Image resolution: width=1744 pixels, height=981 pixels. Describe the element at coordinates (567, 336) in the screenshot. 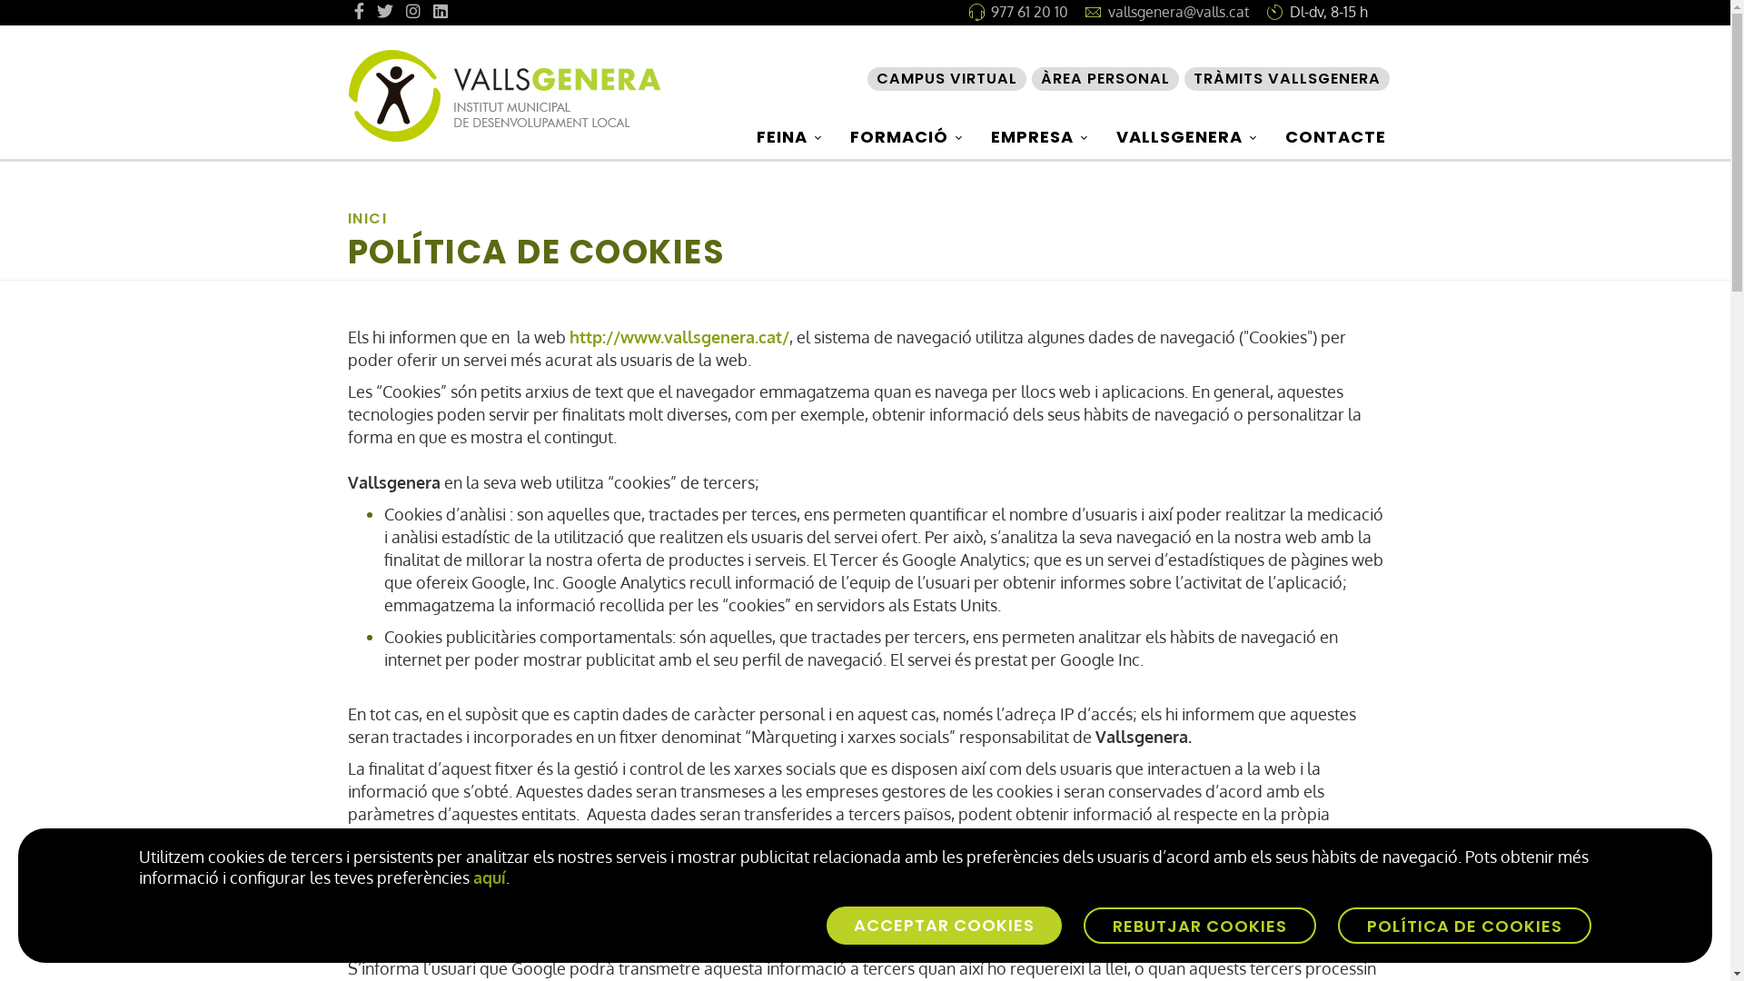

I see `'http://www.vallsgenera.cat/'` at that location.